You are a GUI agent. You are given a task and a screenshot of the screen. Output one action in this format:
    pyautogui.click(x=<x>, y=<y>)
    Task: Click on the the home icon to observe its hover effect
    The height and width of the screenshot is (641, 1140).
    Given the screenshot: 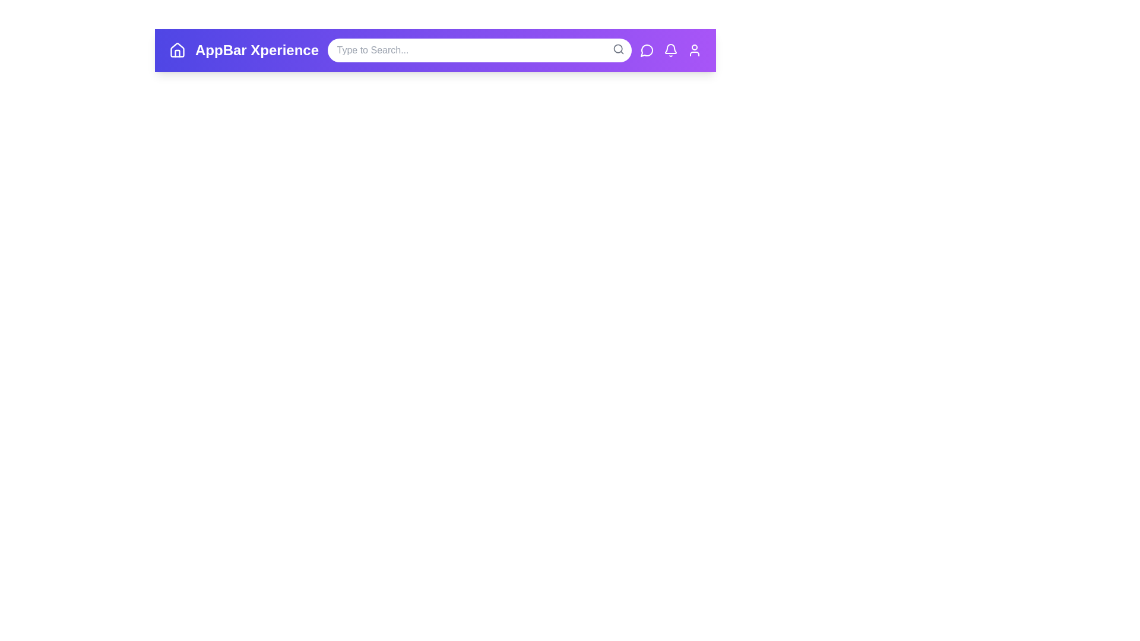 What is the action you would take?
    pyautogui.click(x=176, y=49)
    